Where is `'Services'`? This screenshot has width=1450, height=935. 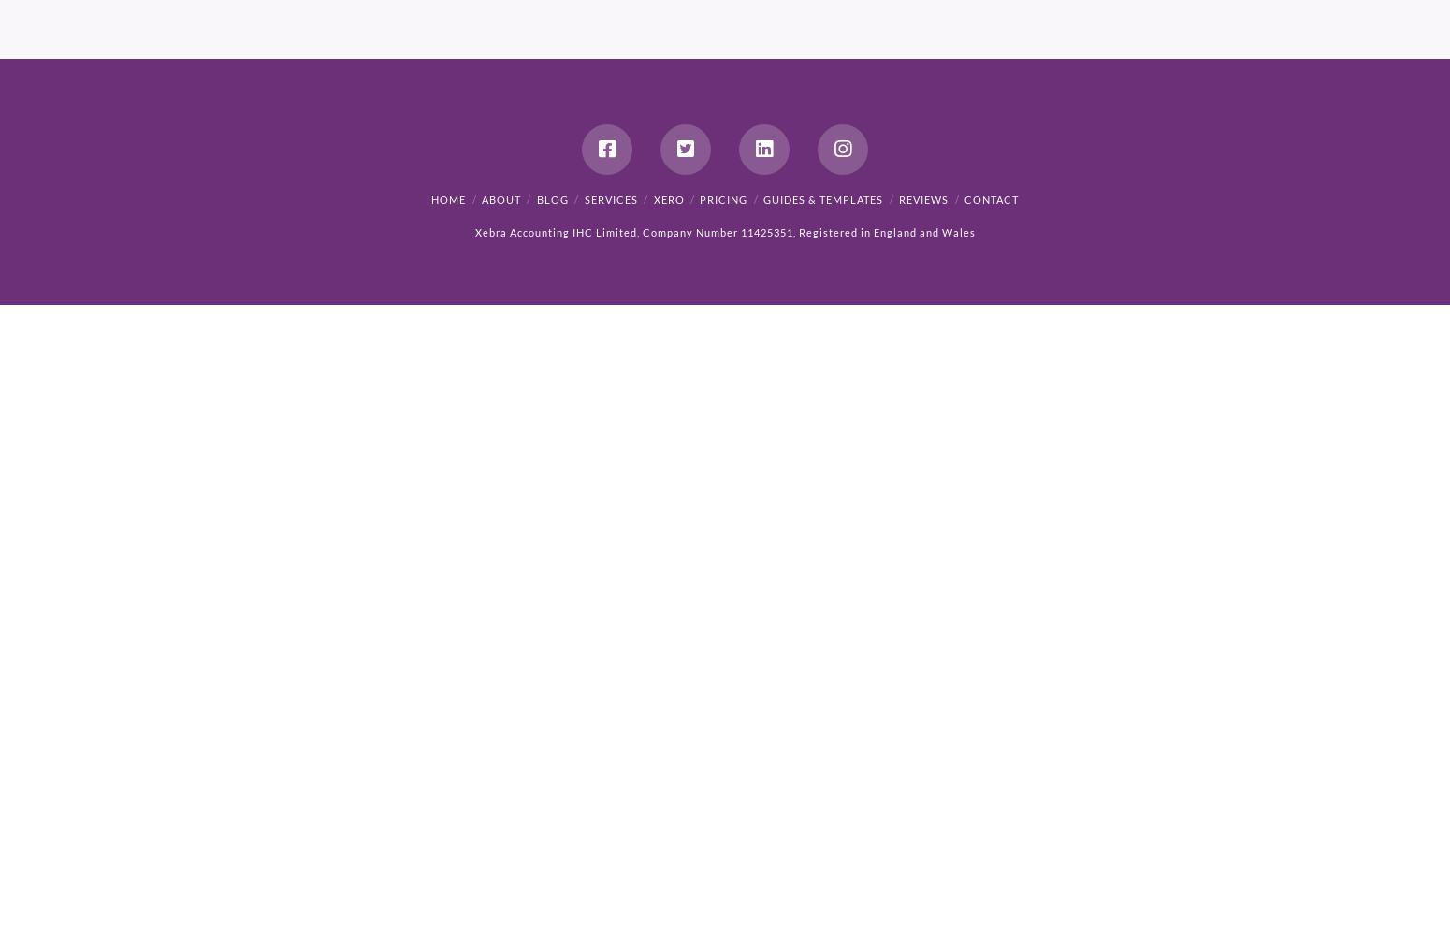 'Services' is located at coordinates (583, 198).